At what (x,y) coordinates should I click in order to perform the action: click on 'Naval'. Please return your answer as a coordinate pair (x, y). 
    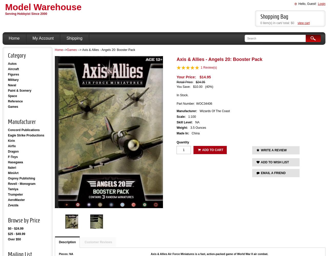
    Looking at the image, I should click on (12, 85).